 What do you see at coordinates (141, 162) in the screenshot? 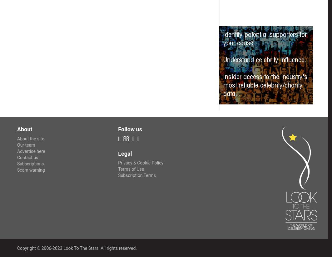
I see `'Privacy & Cookie Policy'` at bounding box center [141, 162].